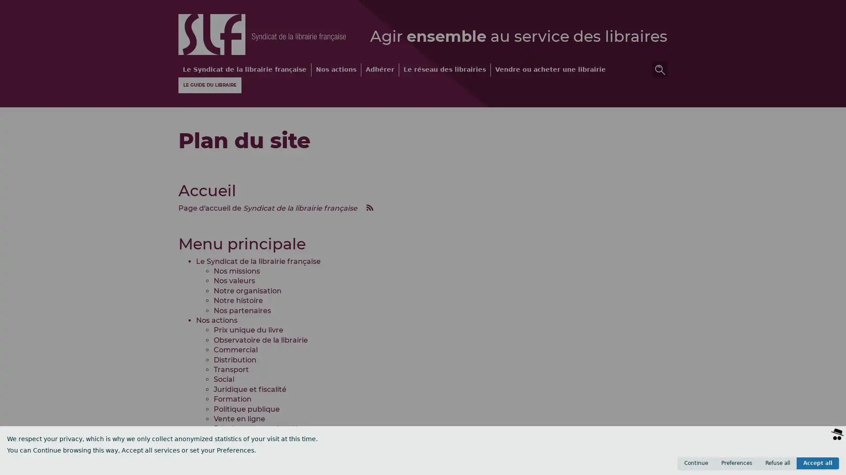 The width and height of the screenshot is (846, 475). I want to click on Accept all, so click(817, 463).